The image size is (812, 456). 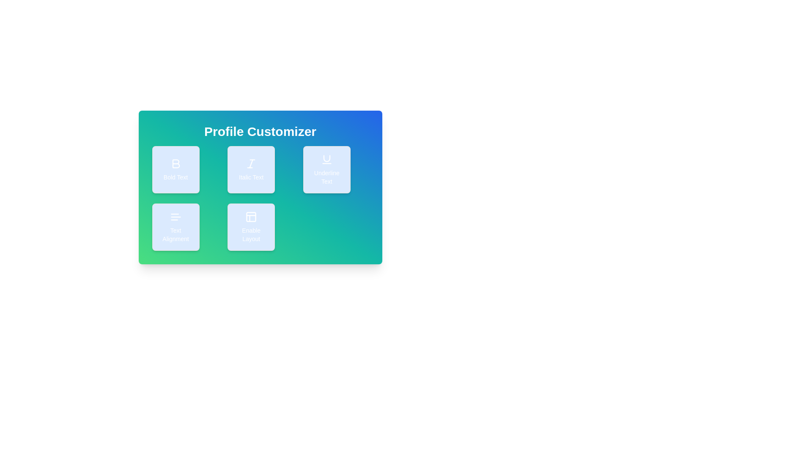 What do you see at coordinates (260, 187) in the screenshot?
I see `the 'Italic Text' button` at bounding box center [260, 187].